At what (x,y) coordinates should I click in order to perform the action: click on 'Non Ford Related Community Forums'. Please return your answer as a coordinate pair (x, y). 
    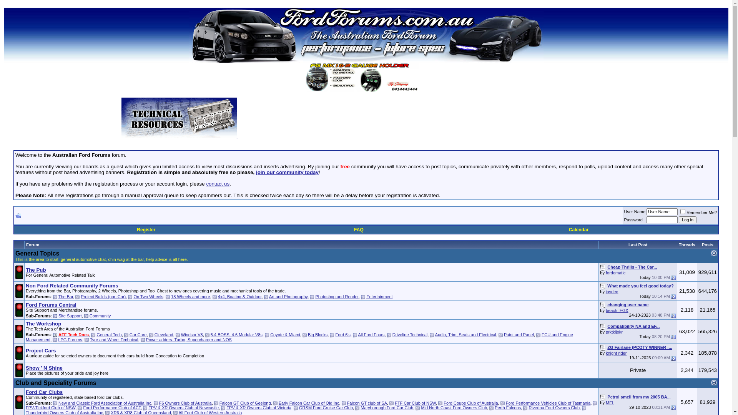
    Looking at the image, I should click on (72, 286).